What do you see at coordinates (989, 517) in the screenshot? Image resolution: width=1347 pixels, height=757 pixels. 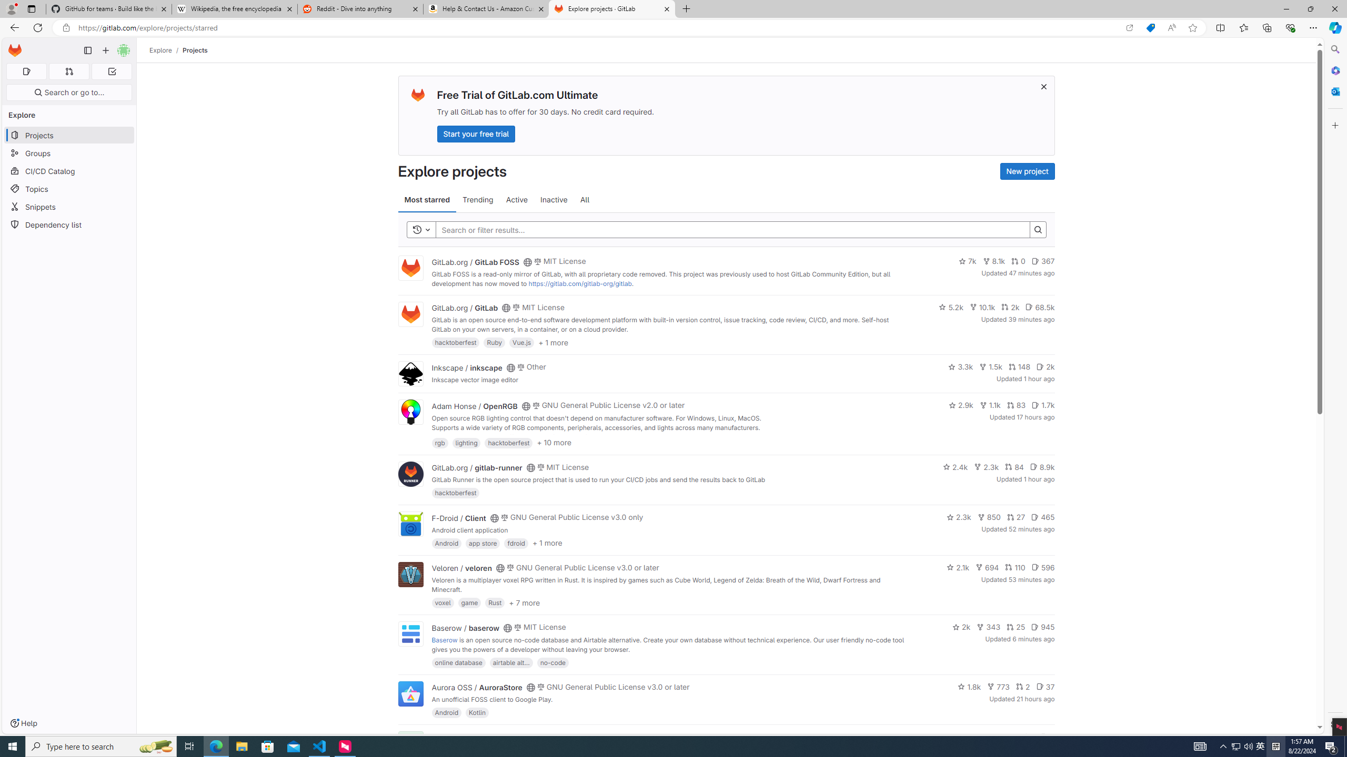 I see `'850'` at bounding box center [989, 517].